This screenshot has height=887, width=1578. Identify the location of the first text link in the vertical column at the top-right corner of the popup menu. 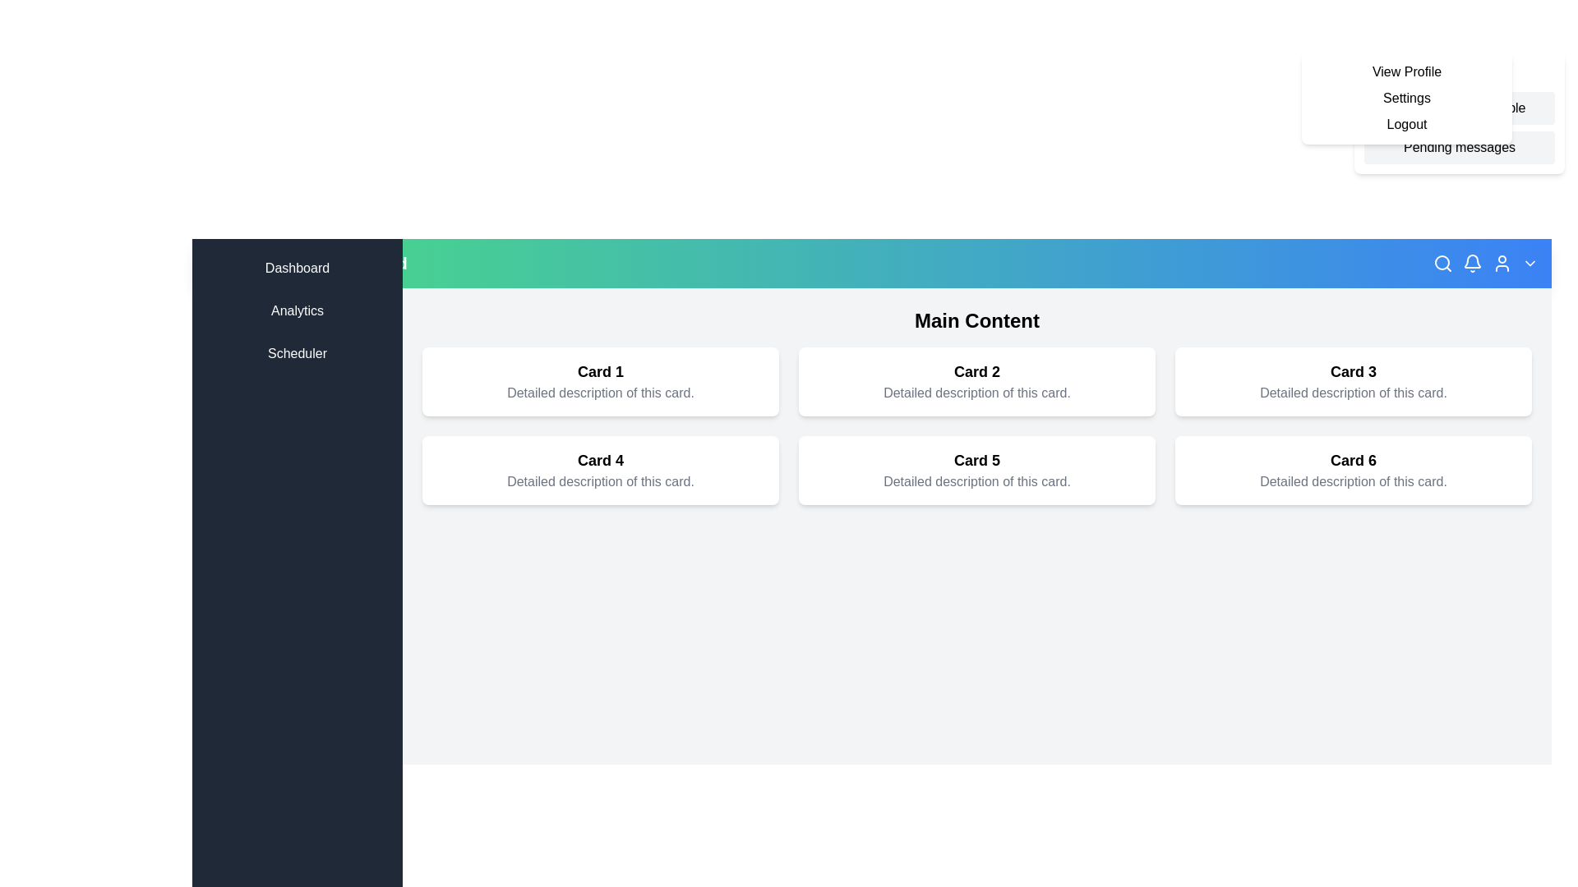
(1406, 71).